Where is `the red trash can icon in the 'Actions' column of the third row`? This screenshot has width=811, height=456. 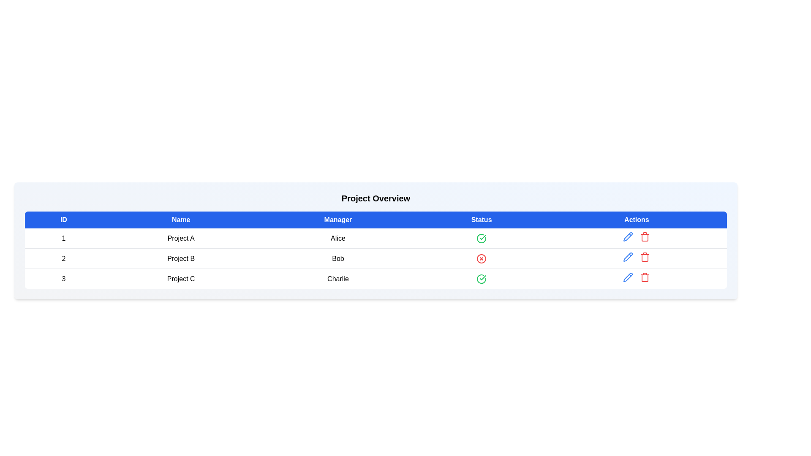 the red trash can icon in the 'Actions' column of the third row is located at coordinates (645, 277).